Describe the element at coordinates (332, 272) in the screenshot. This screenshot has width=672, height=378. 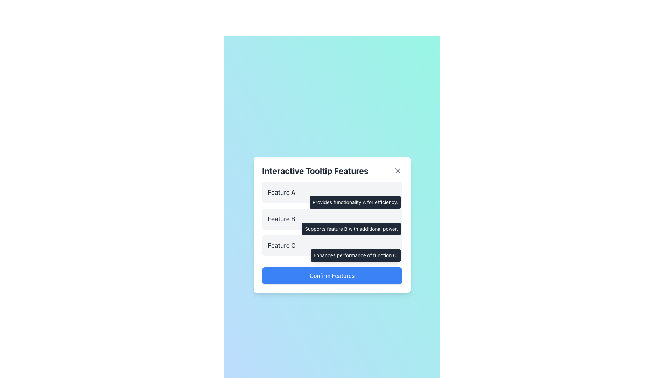
I see `the confirmation button located at the bottom of the 'Interactive Tooltip Features' modal to acknowledge the selected features` at that location.